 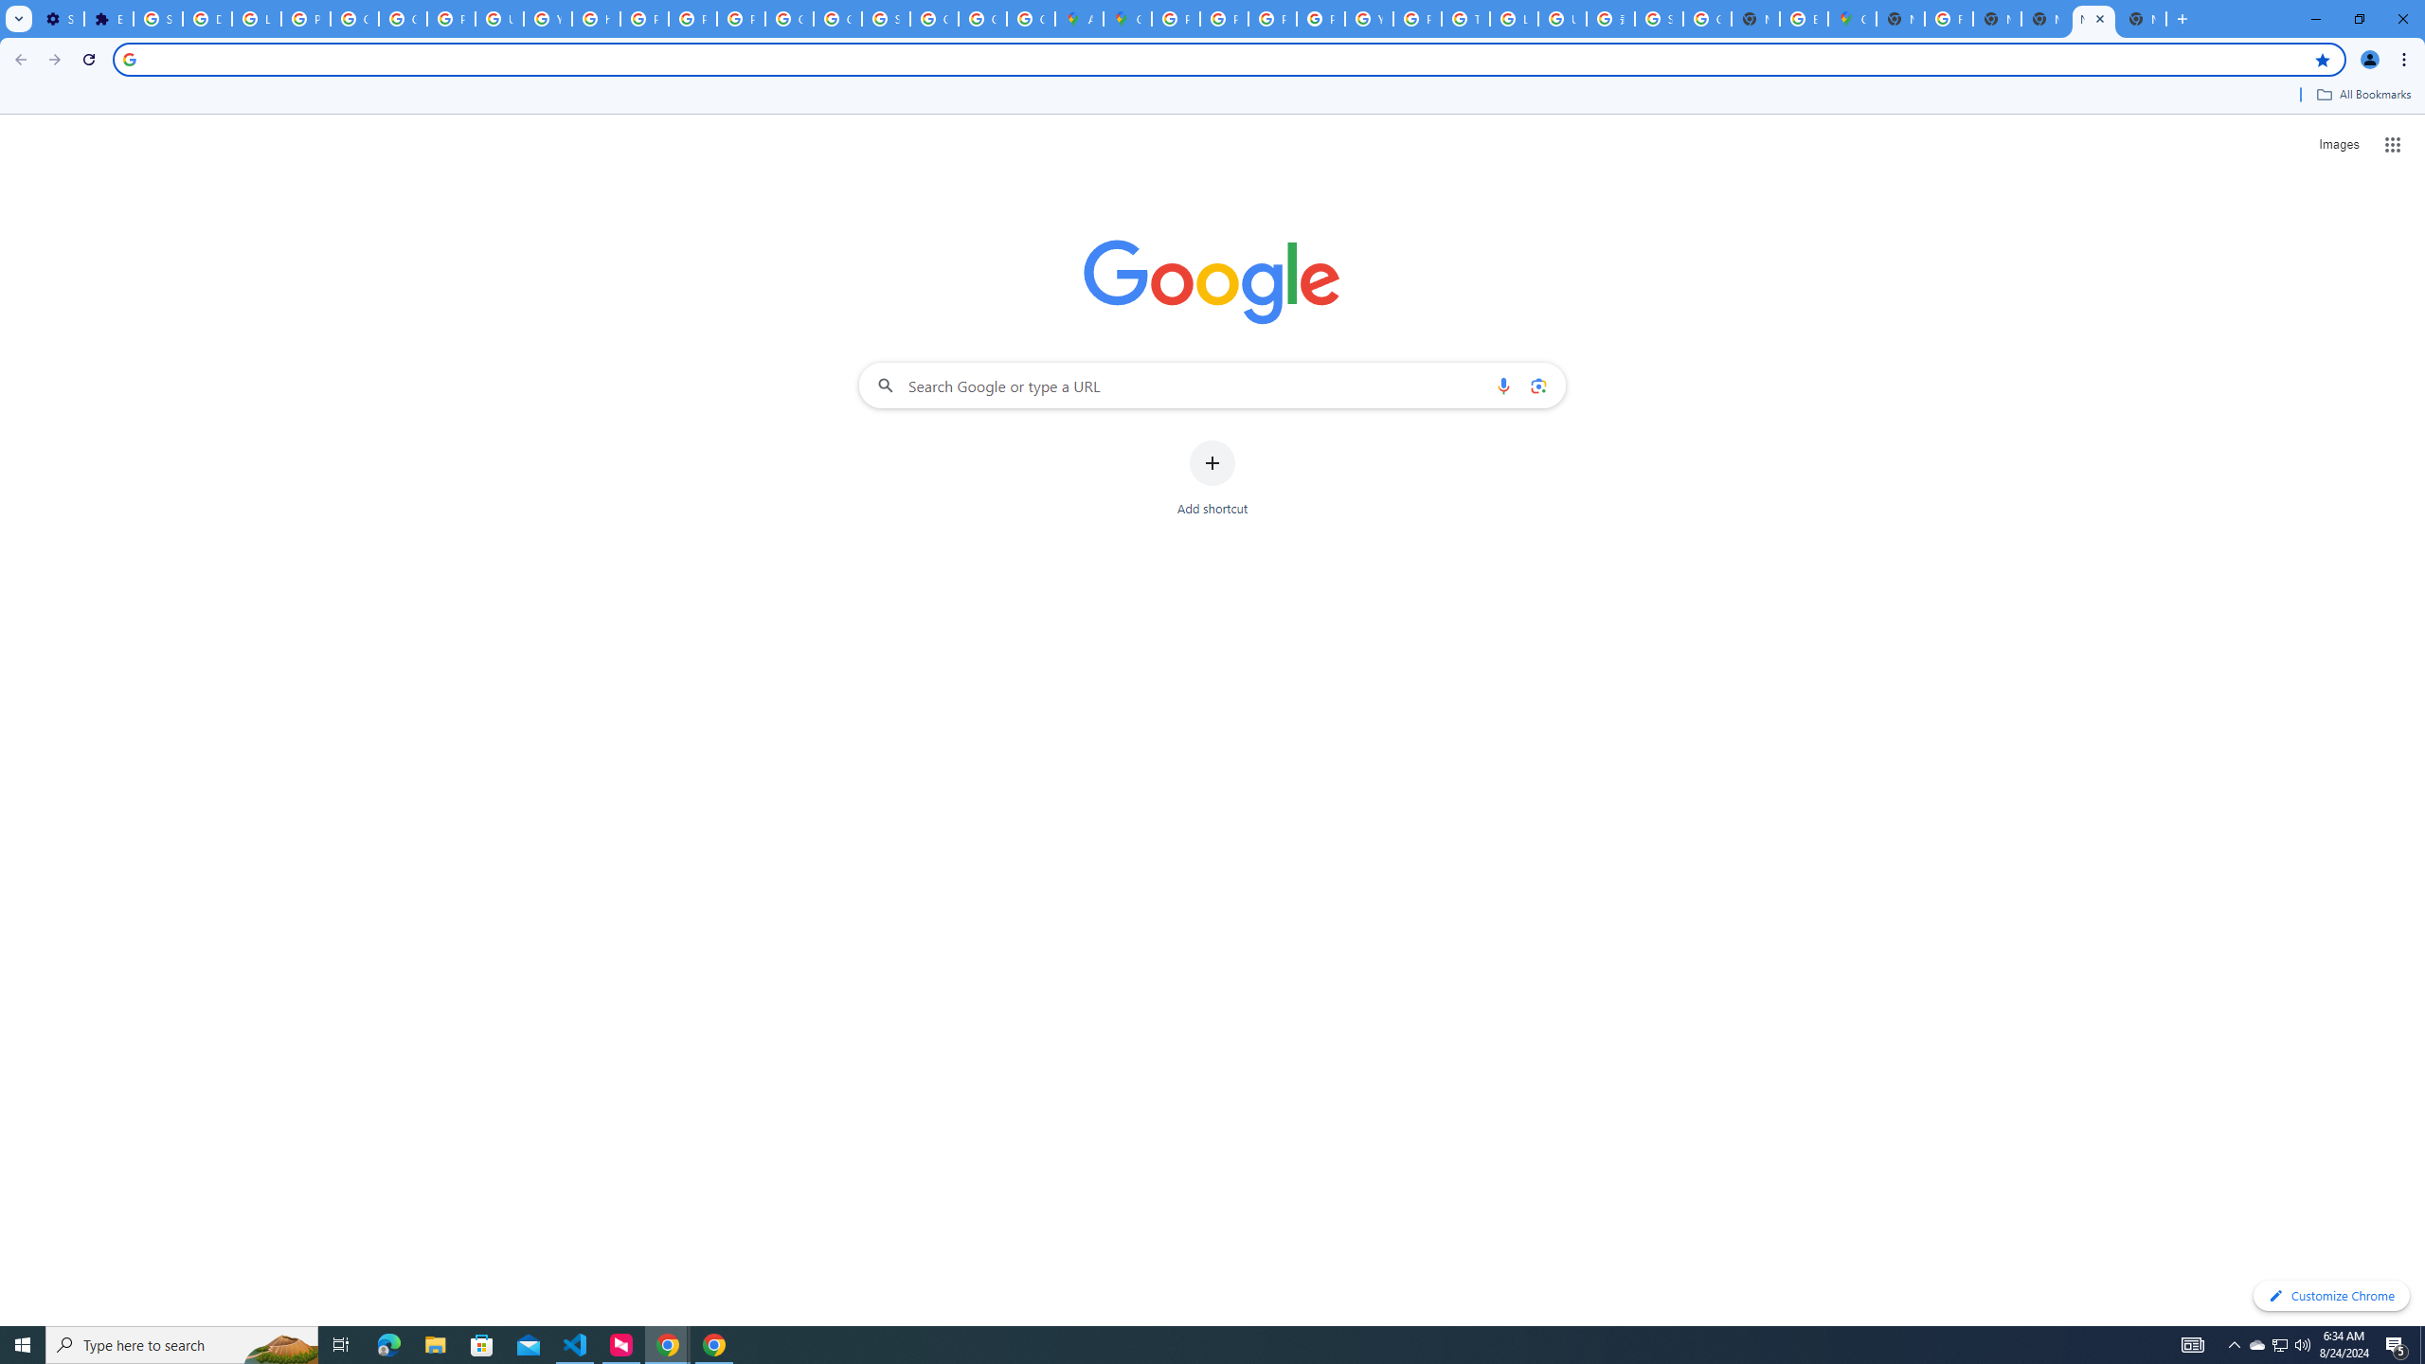 What do you see at coordinates (1174, 18) in the screenshot?
I see `'Policy Accountability and Transparency - Transparency Center'` at bounding box center [1174, 18].